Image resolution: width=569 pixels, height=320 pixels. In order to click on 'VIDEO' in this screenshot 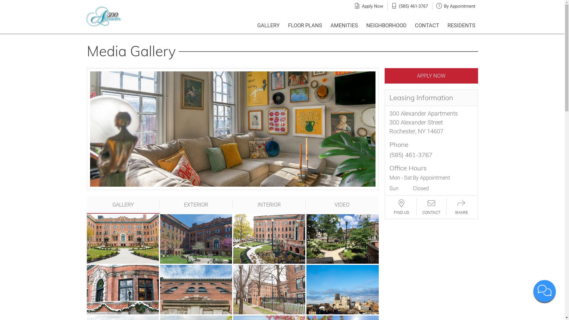, I will do `click(342, 204)`.